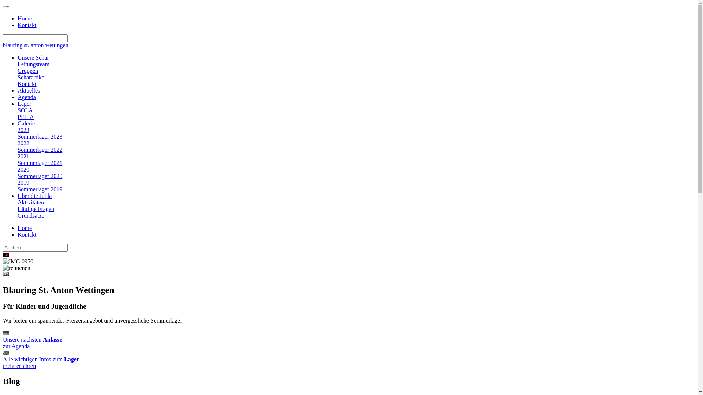 The width and height of the screenshot is (703, 395). Describe the element at coordinates (40, 162) in the screenshot. I see `'Sommerlager 2021'` at that location.